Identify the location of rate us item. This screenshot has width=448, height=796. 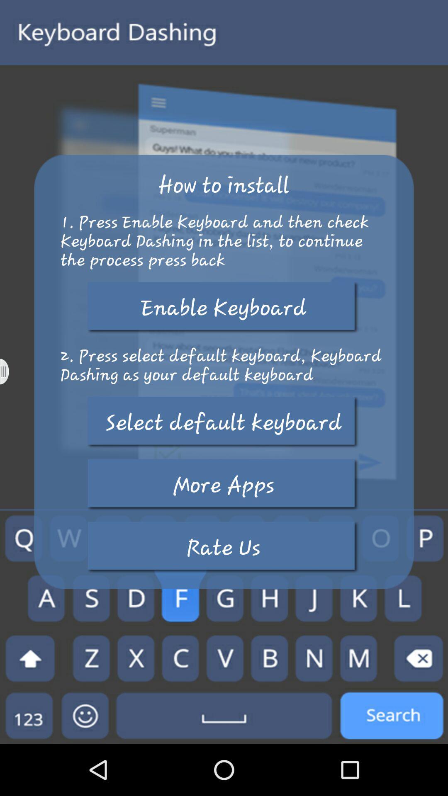
(223, 547).